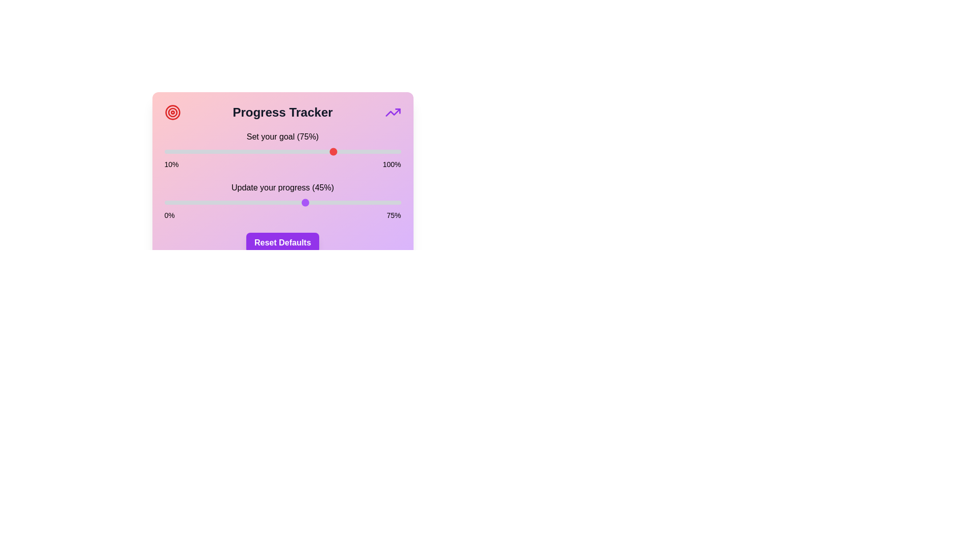 Image resolution: width=979 pixels, height=550 pixels. What do you see at coordinates (338, 151) in the screenshot?
I see `the 'Set your goal' slider to 76%` at bounding box center [338, 151].